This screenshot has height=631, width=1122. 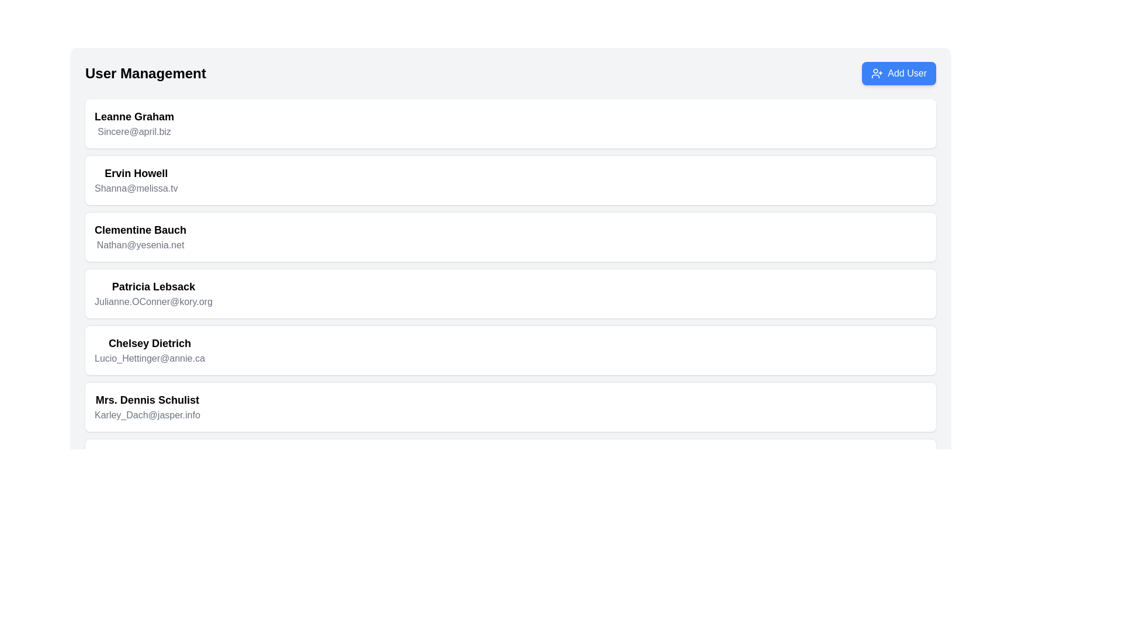 I want to click on the user avatar icon with a plus sign next to it, which is located inside the blue rounded button labeled 'Add User' in the top-right corner of the interface, so click(x=877, y=74).